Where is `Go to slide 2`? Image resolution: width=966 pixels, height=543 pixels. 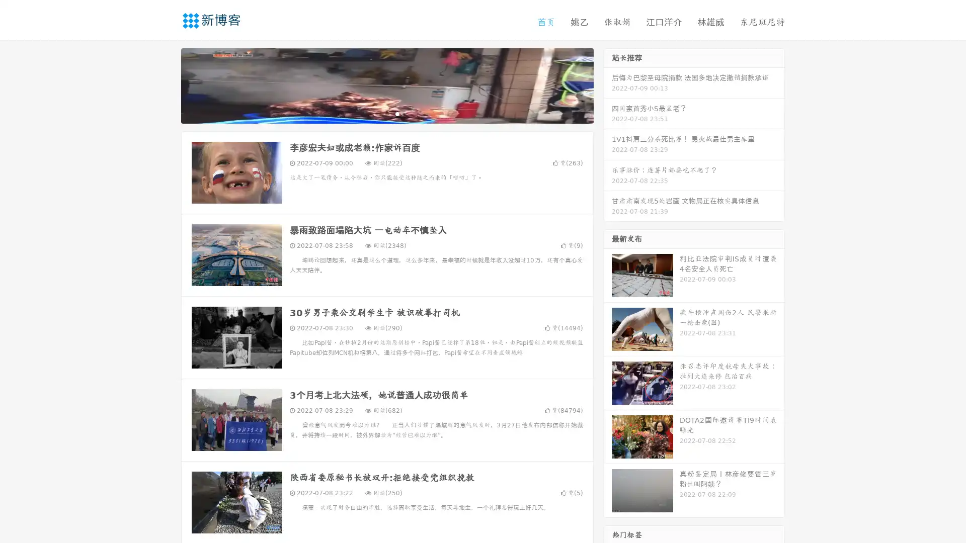
Go to slide 2 is located at coordinates (386, 113).